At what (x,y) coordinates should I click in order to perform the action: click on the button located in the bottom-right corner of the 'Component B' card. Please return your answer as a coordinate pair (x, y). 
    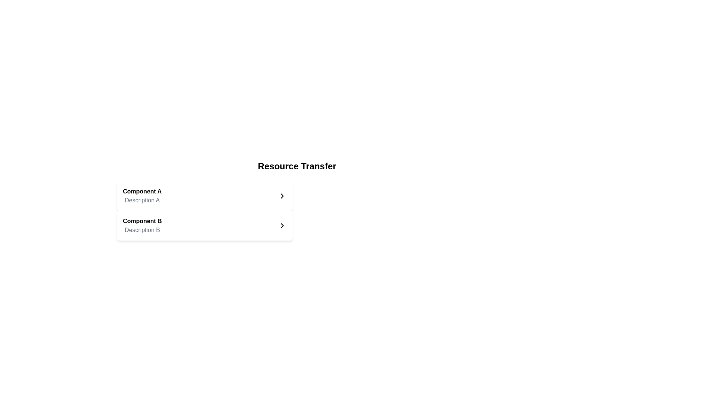
    Looking at the image, I should click on (281, 225).